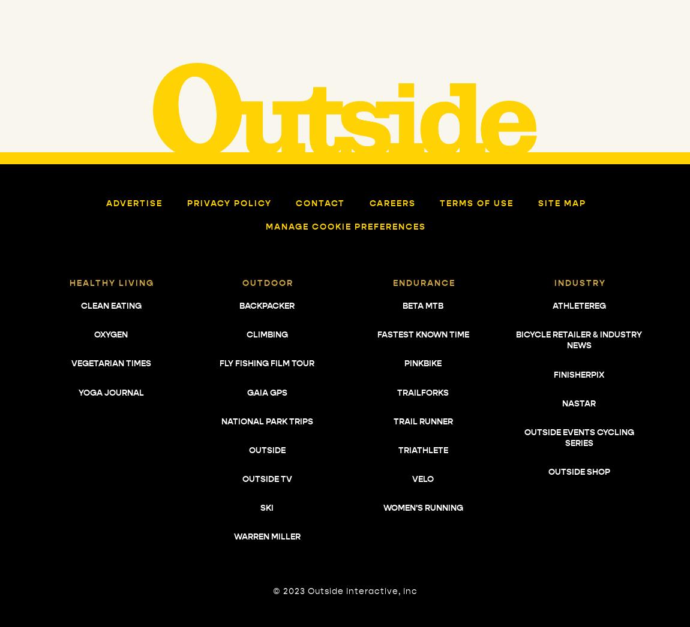 The width and height of the screenshot is (690, 627). Describe the element at coordinates (422, 305) in the screenshot. I see `'Beta MTB'` at that location.